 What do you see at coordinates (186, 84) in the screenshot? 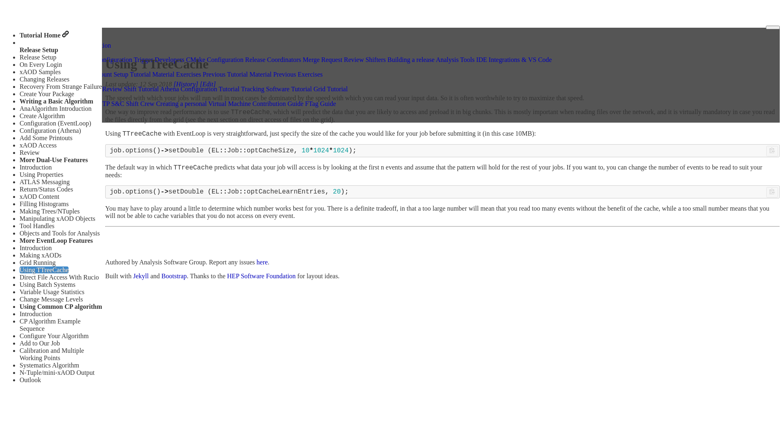
I see `'[History]'` at bounding box center [186, 84].